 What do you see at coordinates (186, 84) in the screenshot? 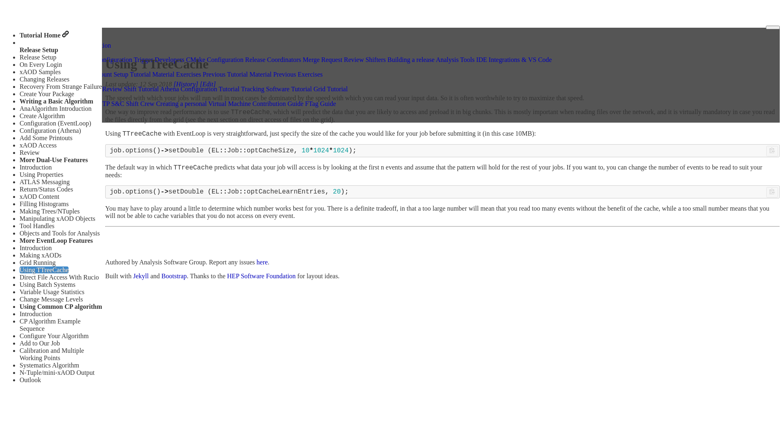
I see `'[History]'` at bounding box center [186, 84].